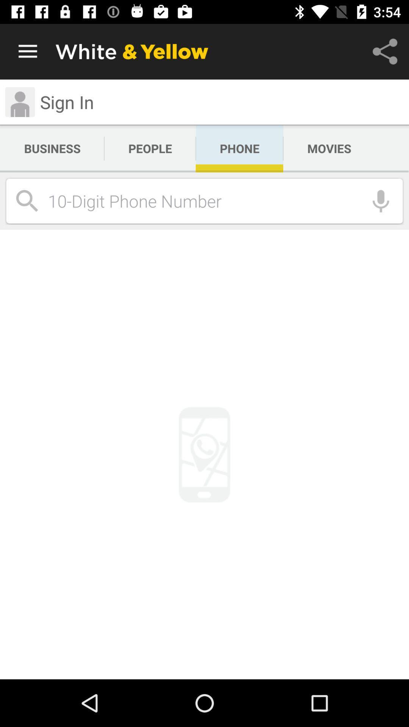  I want to click on the microphone icon, so click(381, 201).